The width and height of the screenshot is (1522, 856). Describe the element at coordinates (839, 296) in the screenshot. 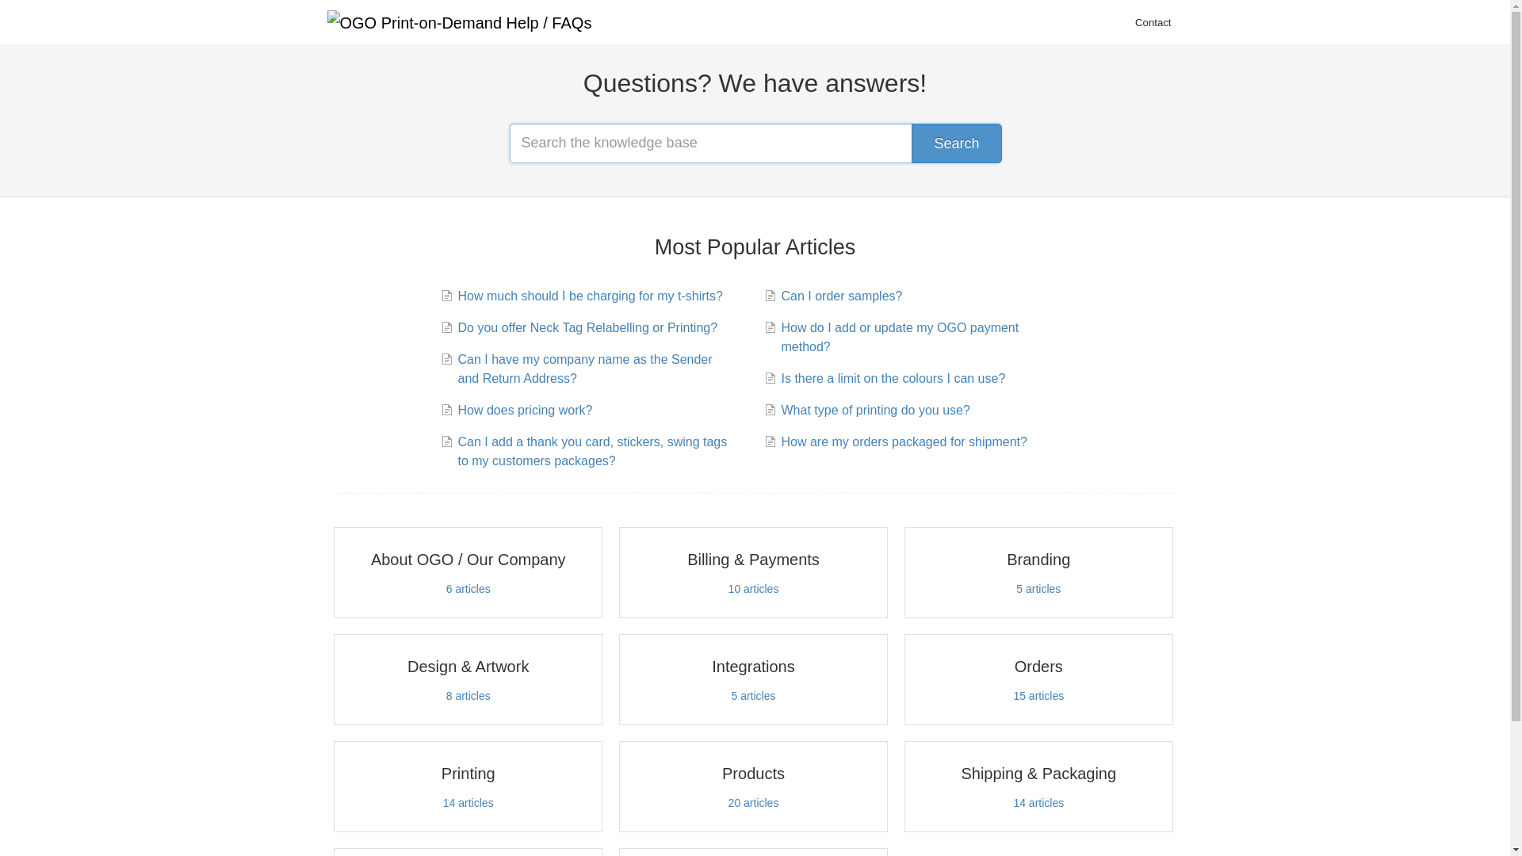

I see `'Can I order samples?'` at that location.